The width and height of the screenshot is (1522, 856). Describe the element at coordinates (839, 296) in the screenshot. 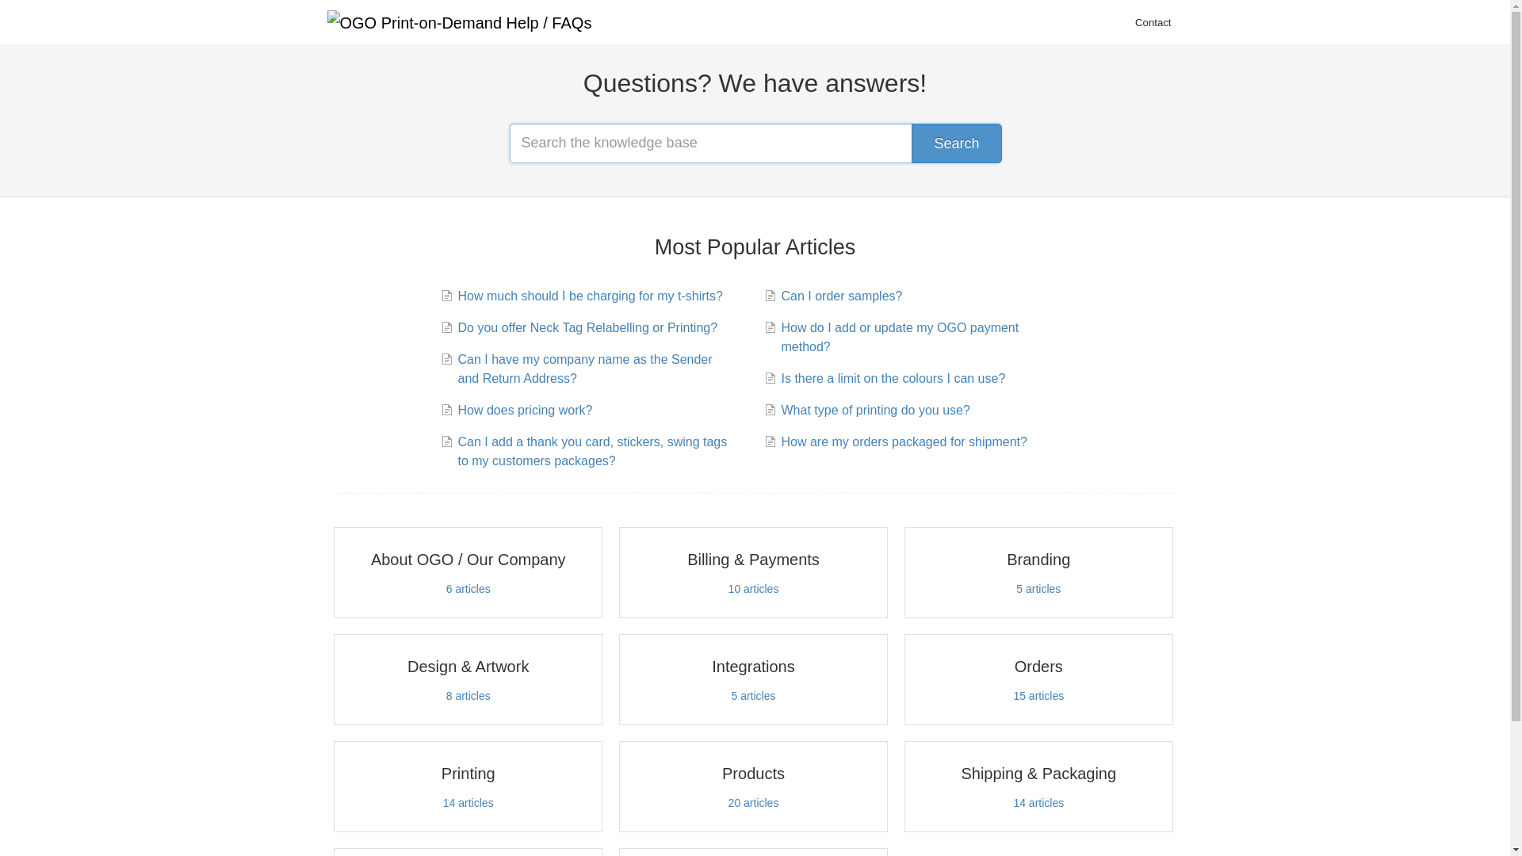

I see `'Can I order samples?'` at that location.